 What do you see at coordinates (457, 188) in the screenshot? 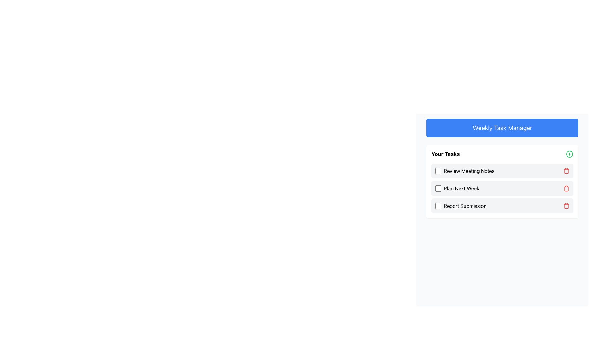
I see `the text label associated with the checkbox, which is the second item in the task list under 'Your Tasks'` at bounding box center [457, 188].